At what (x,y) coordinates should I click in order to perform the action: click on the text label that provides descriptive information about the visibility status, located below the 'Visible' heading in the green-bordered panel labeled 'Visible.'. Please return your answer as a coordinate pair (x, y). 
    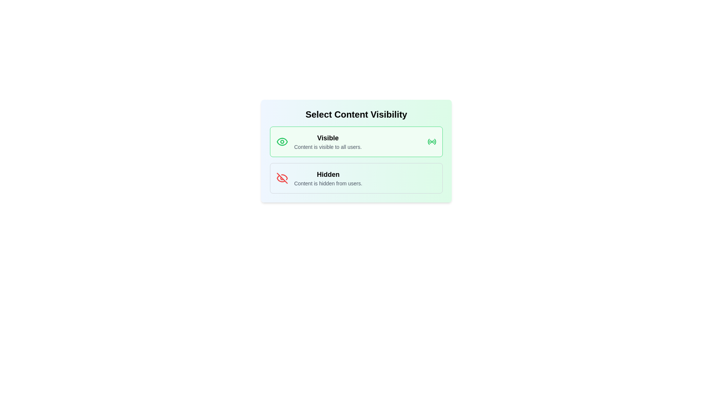
    Looking at the image, I should click on (328, 147).